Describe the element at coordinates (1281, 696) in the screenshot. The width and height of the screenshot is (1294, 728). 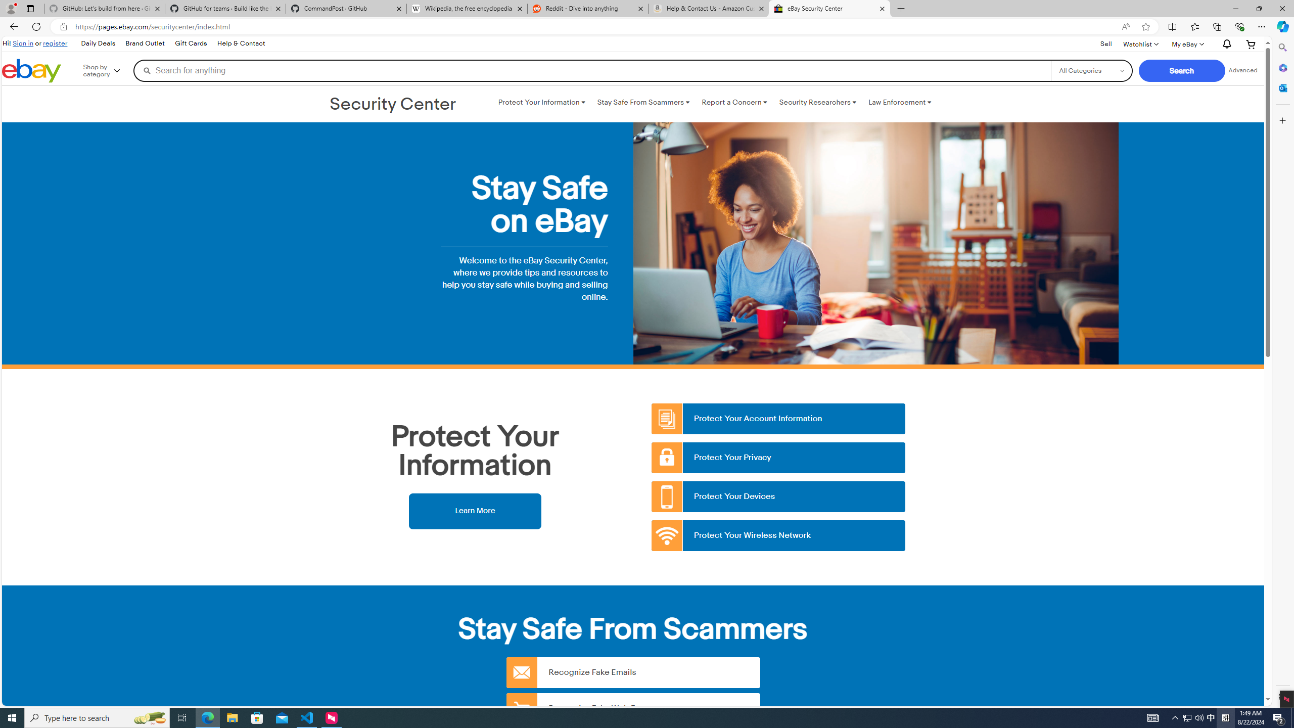
I see `'Settings'` at that location.